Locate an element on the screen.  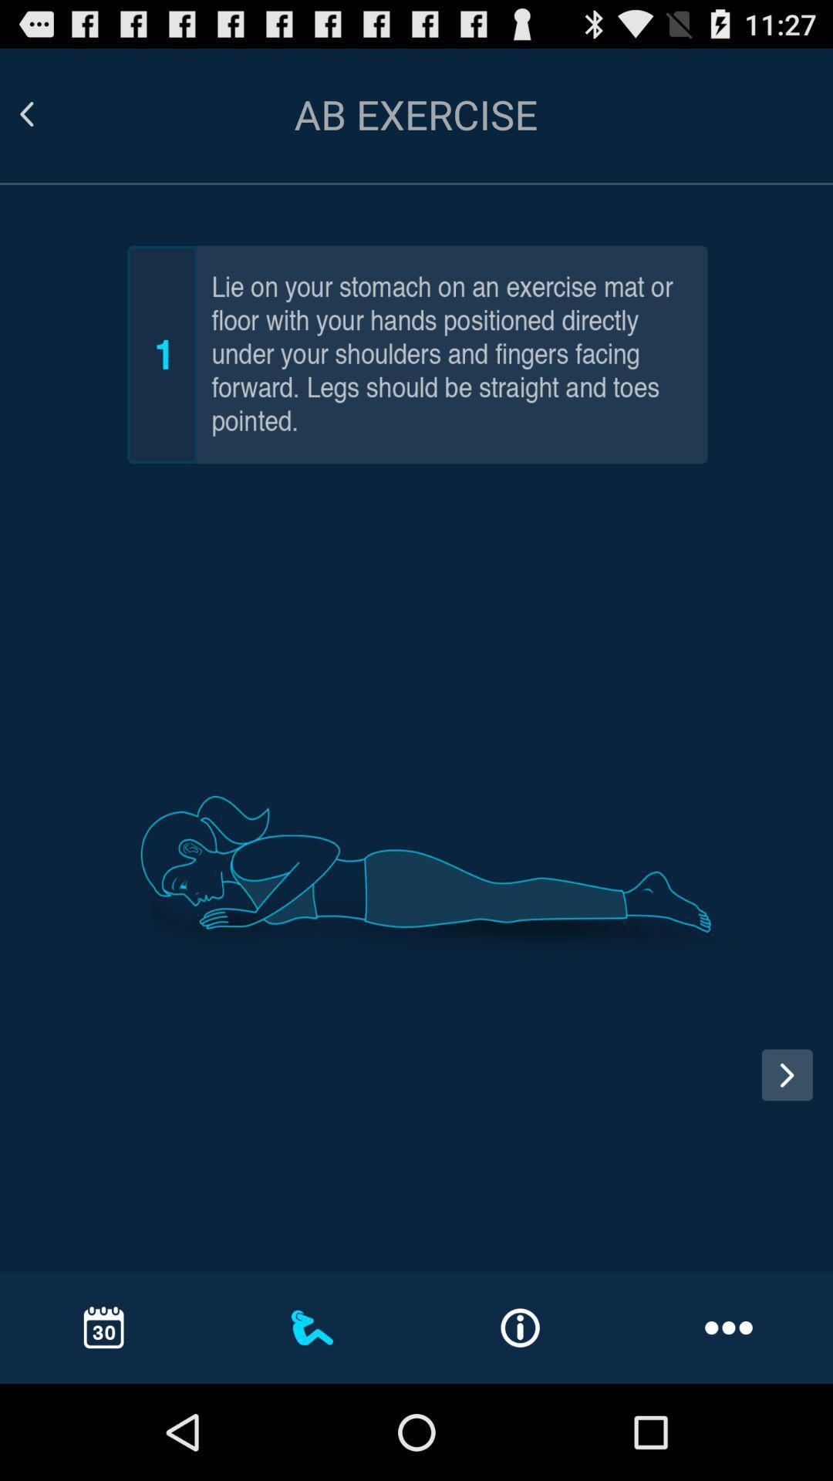
the arrow_backward icon is located at coordinates (45, 121).